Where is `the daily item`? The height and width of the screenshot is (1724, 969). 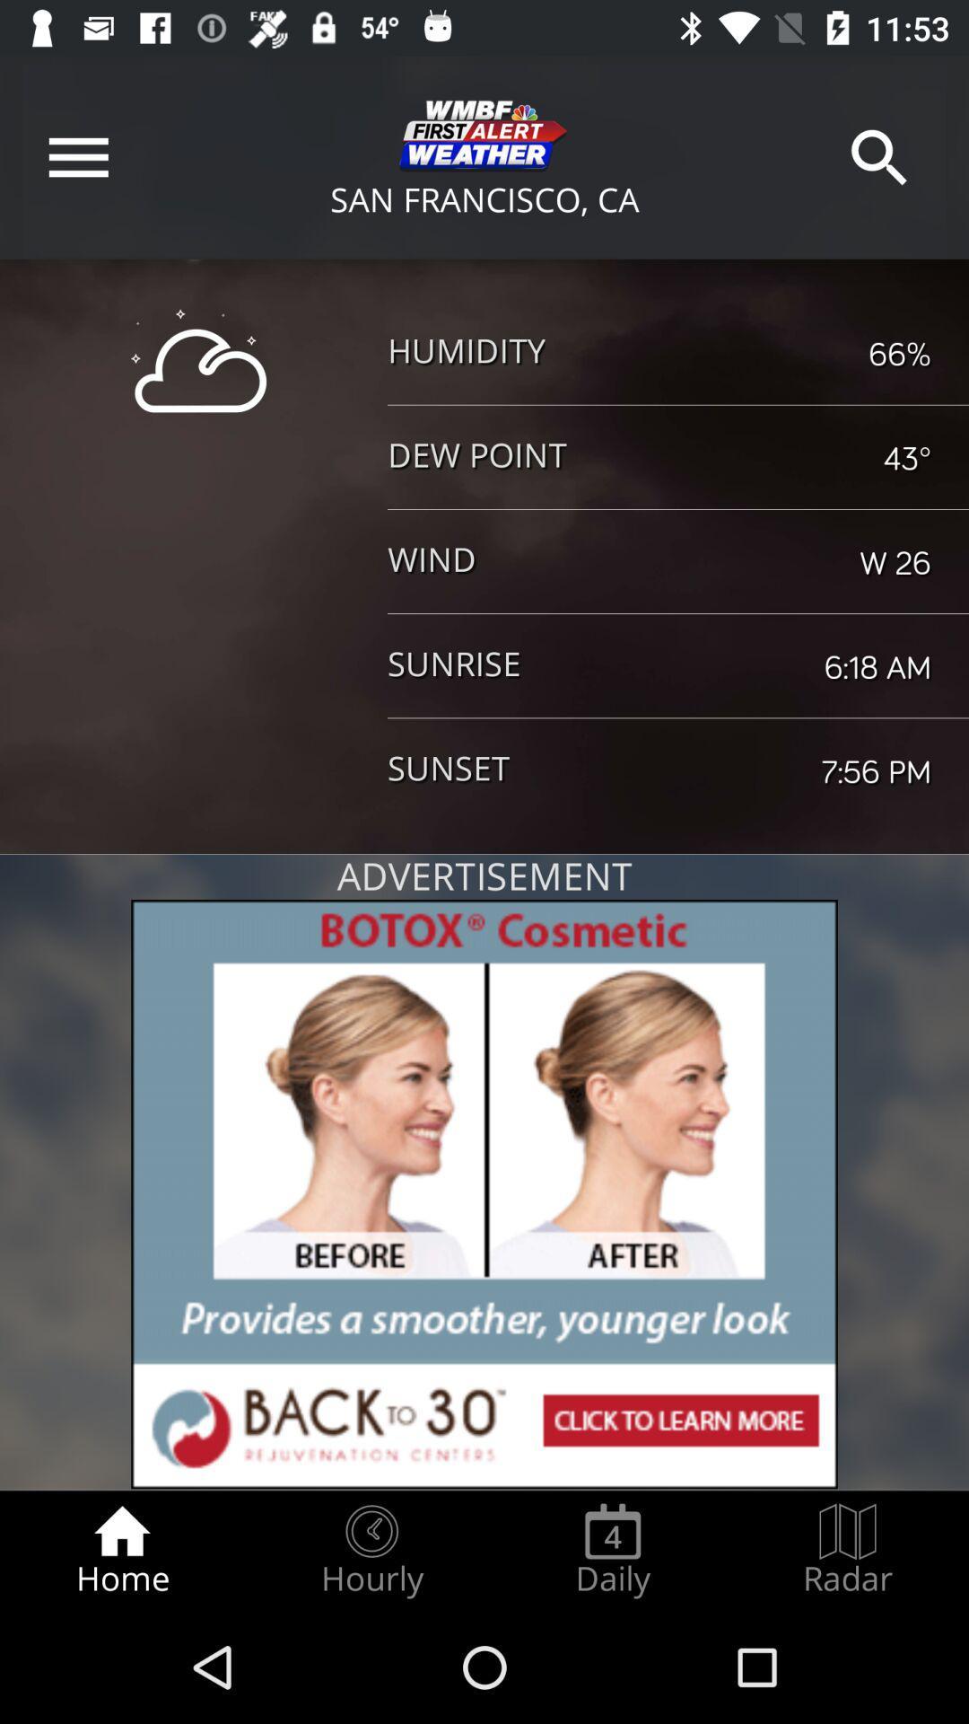
the daily item is located at coordinates (612, 1550).